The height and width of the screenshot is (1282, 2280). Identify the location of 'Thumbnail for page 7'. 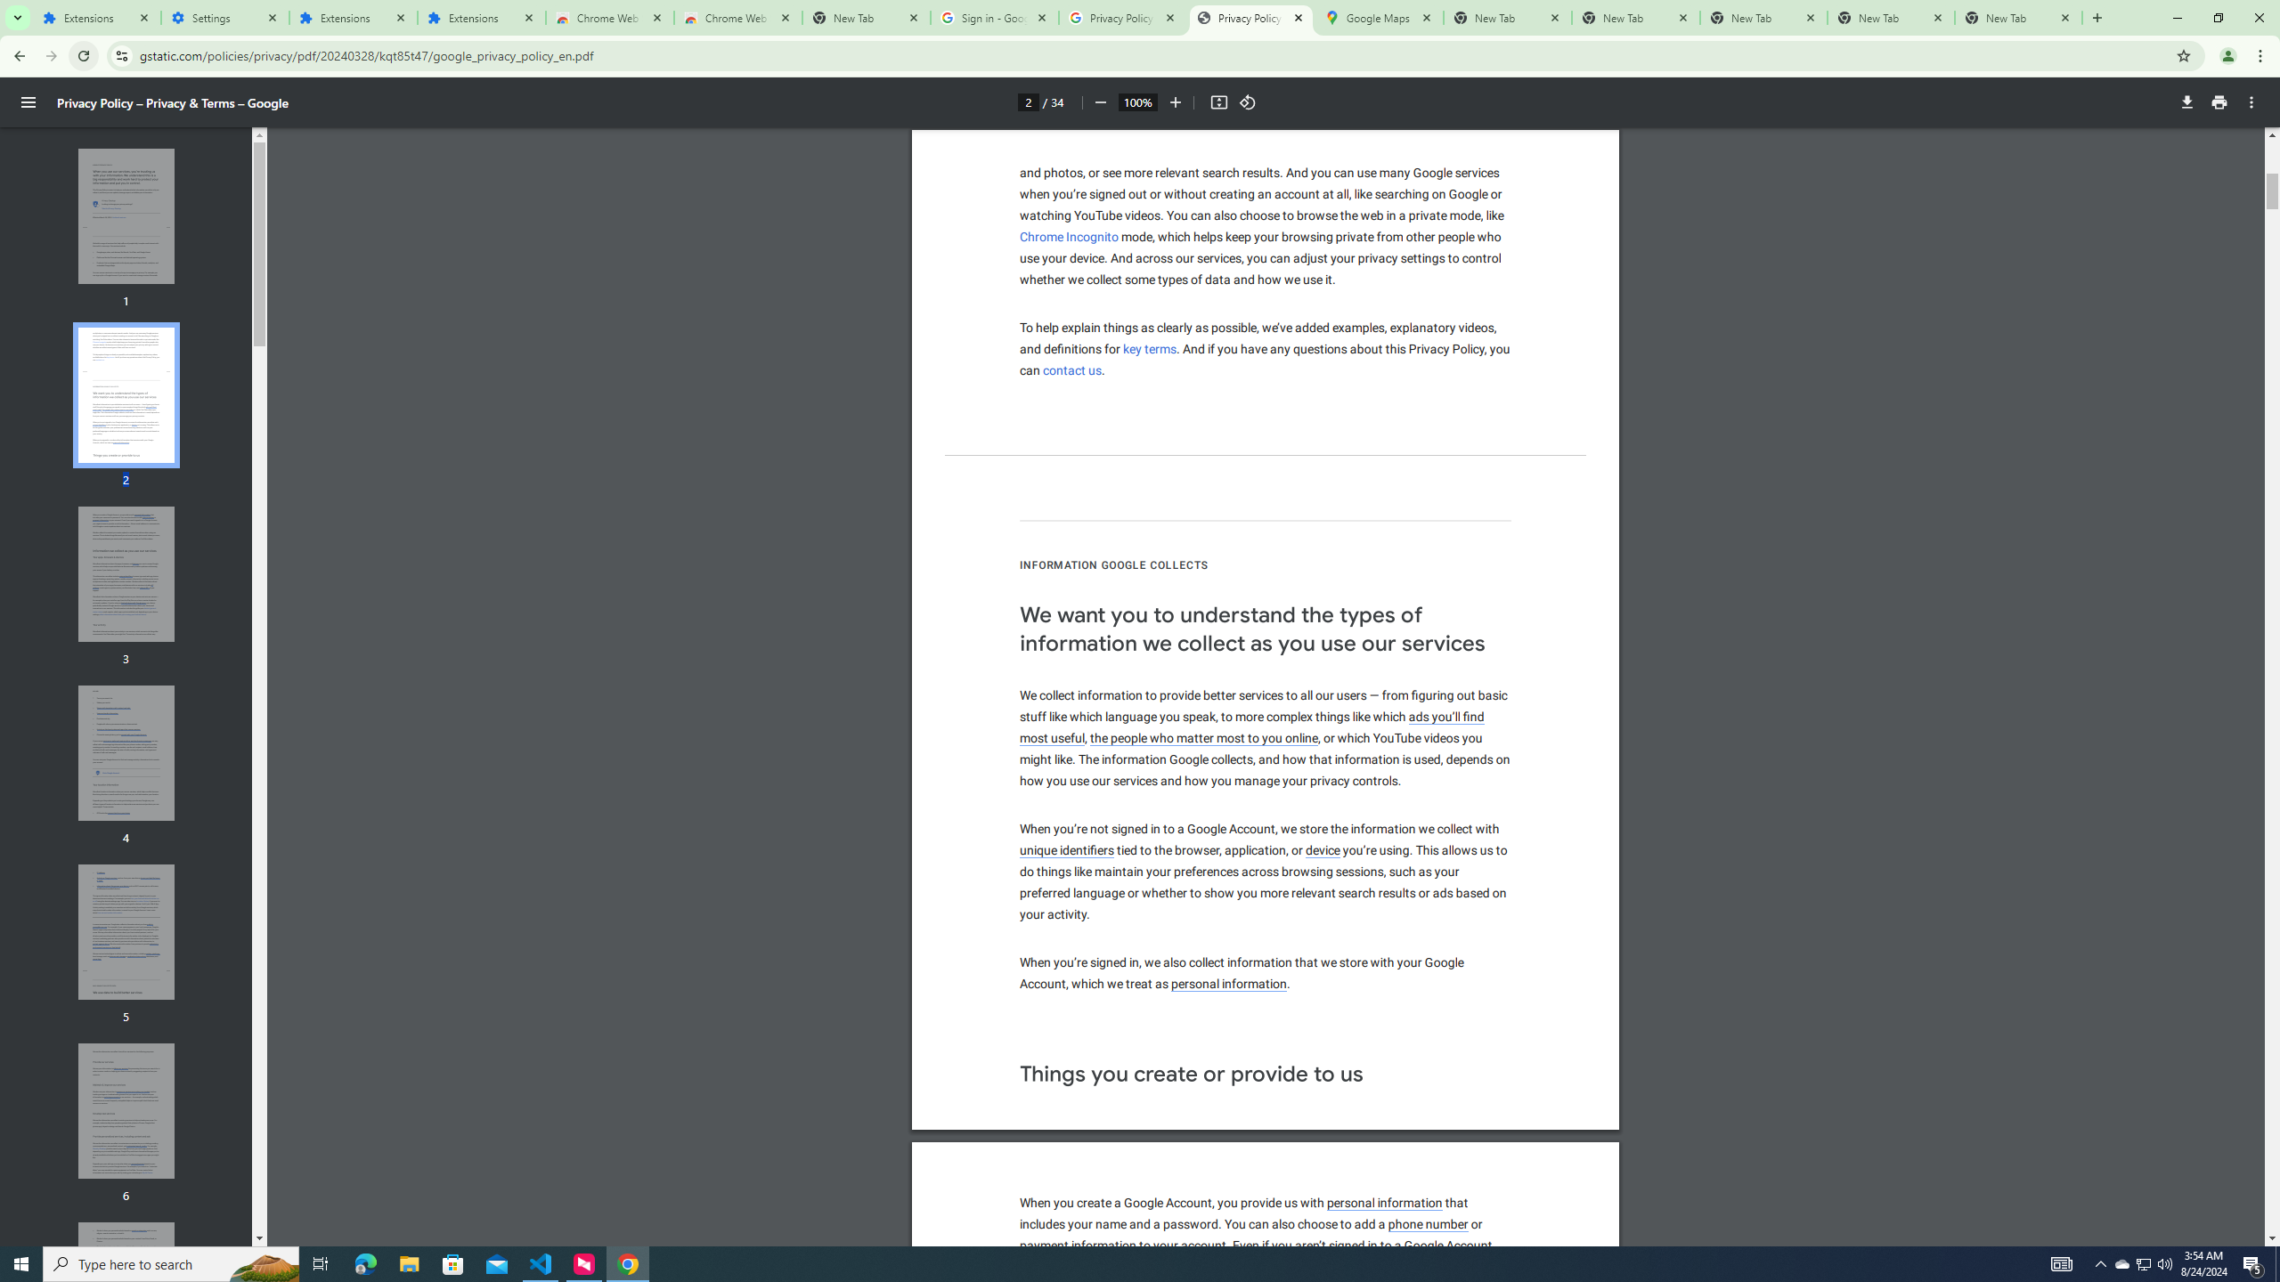
(126, 1282).